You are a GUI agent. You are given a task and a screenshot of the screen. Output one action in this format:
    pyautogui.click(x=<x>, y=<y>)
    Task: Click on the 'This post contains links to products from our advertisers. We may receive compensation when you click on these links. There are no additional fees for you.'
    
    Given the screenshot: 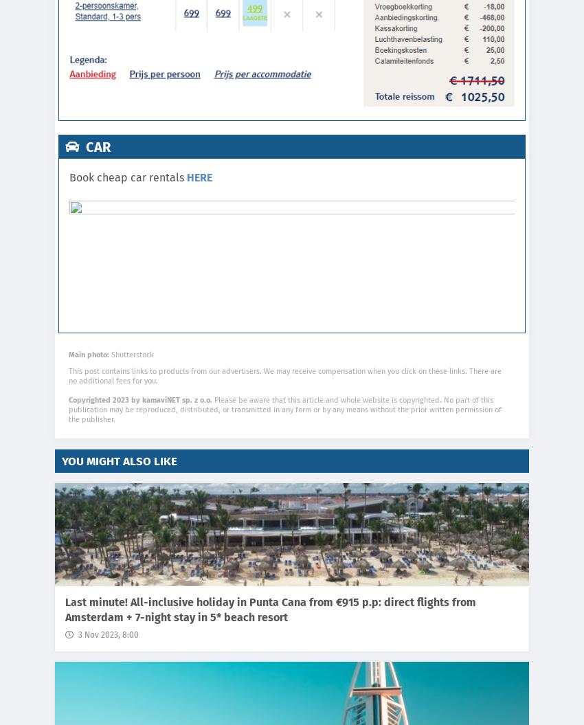 What is the action you would take?
    pyautogui.click(x=284, y=375)
    